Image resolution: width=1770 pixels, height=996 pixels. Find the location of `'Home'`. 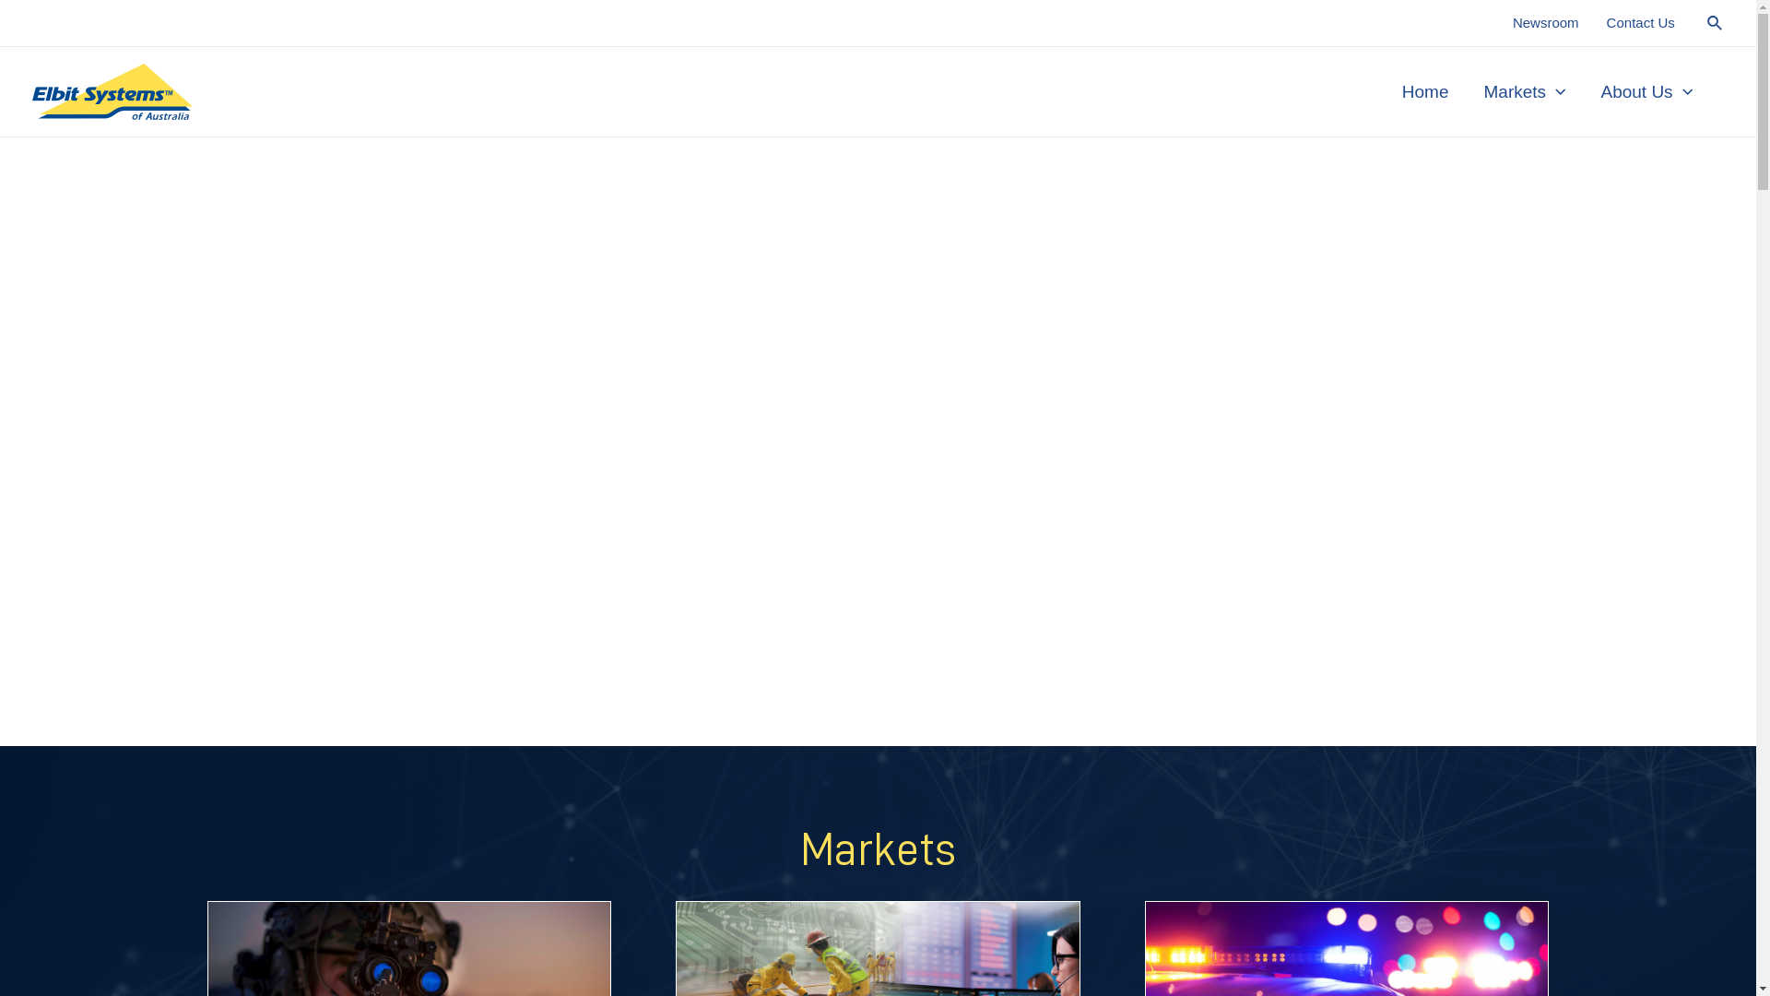

'Home' is located at coordinates (1424, 91).